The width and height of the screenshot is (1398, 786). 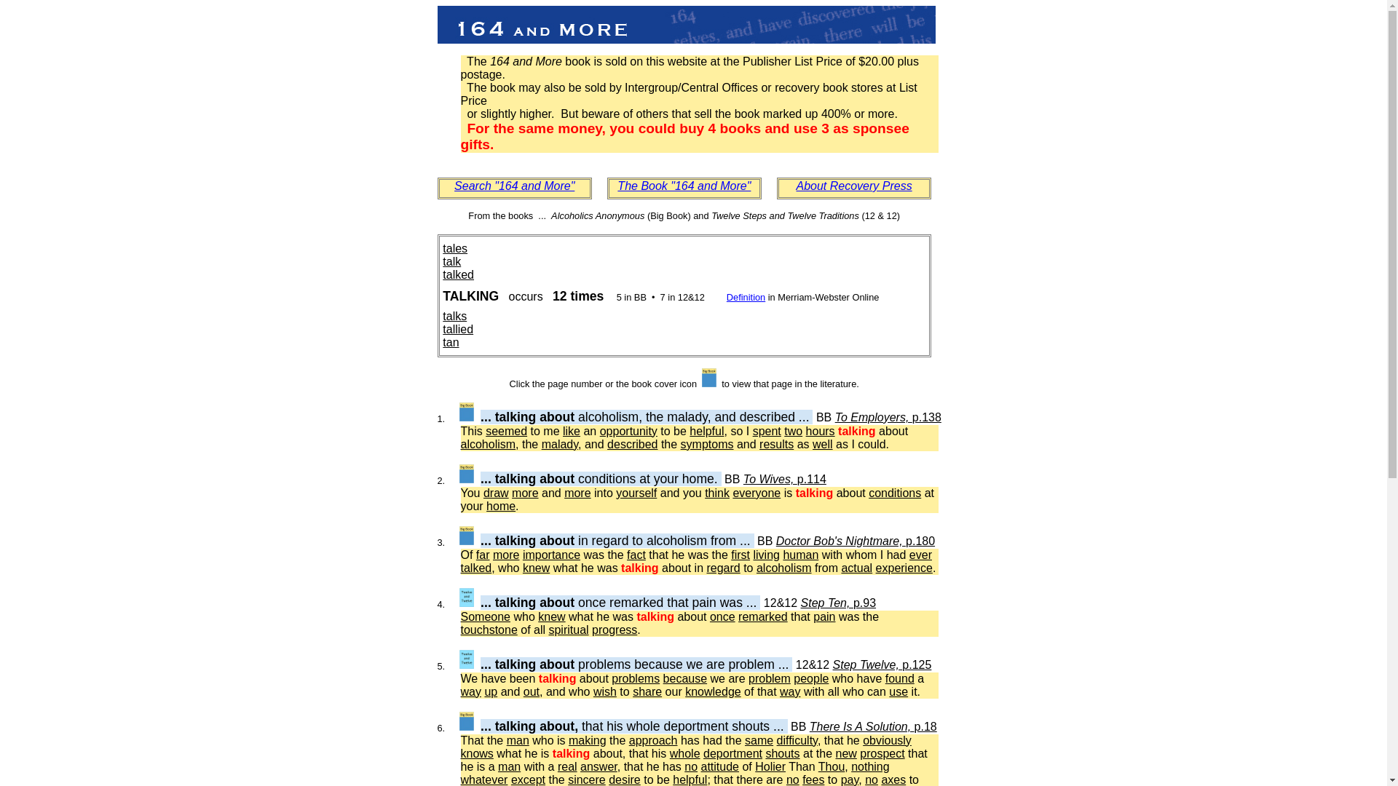 I want to click on 'tallied', so click(x=442, y=329).